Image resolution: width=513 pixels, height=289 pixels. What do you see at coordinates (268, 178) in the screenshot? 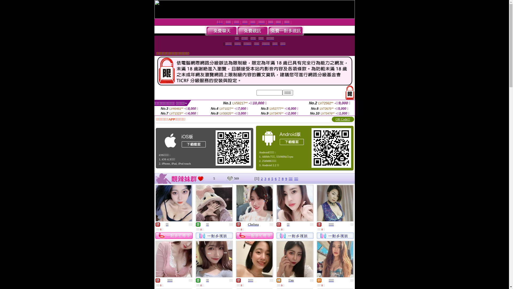
I see `'4'` at bounding box center [268, 178].